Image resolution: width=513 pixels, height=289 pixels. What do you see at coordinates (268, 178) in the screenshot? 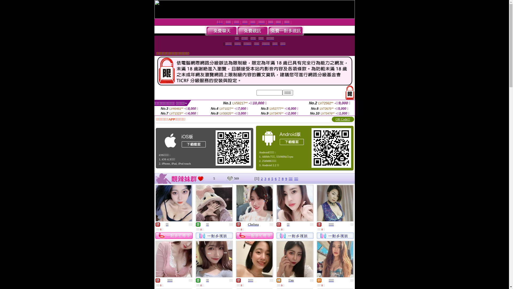
I see `'4'` at bounding box center [268, 178].